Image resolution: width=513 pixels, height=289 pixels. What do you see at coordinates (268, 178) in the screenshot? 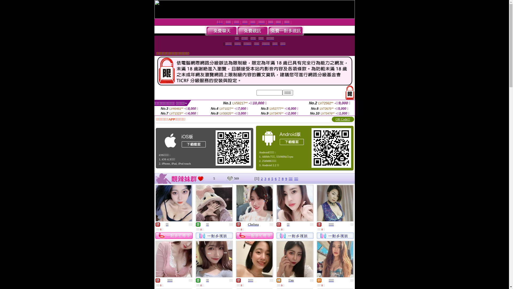
I see `'4'` at bounding box center [268, 178].